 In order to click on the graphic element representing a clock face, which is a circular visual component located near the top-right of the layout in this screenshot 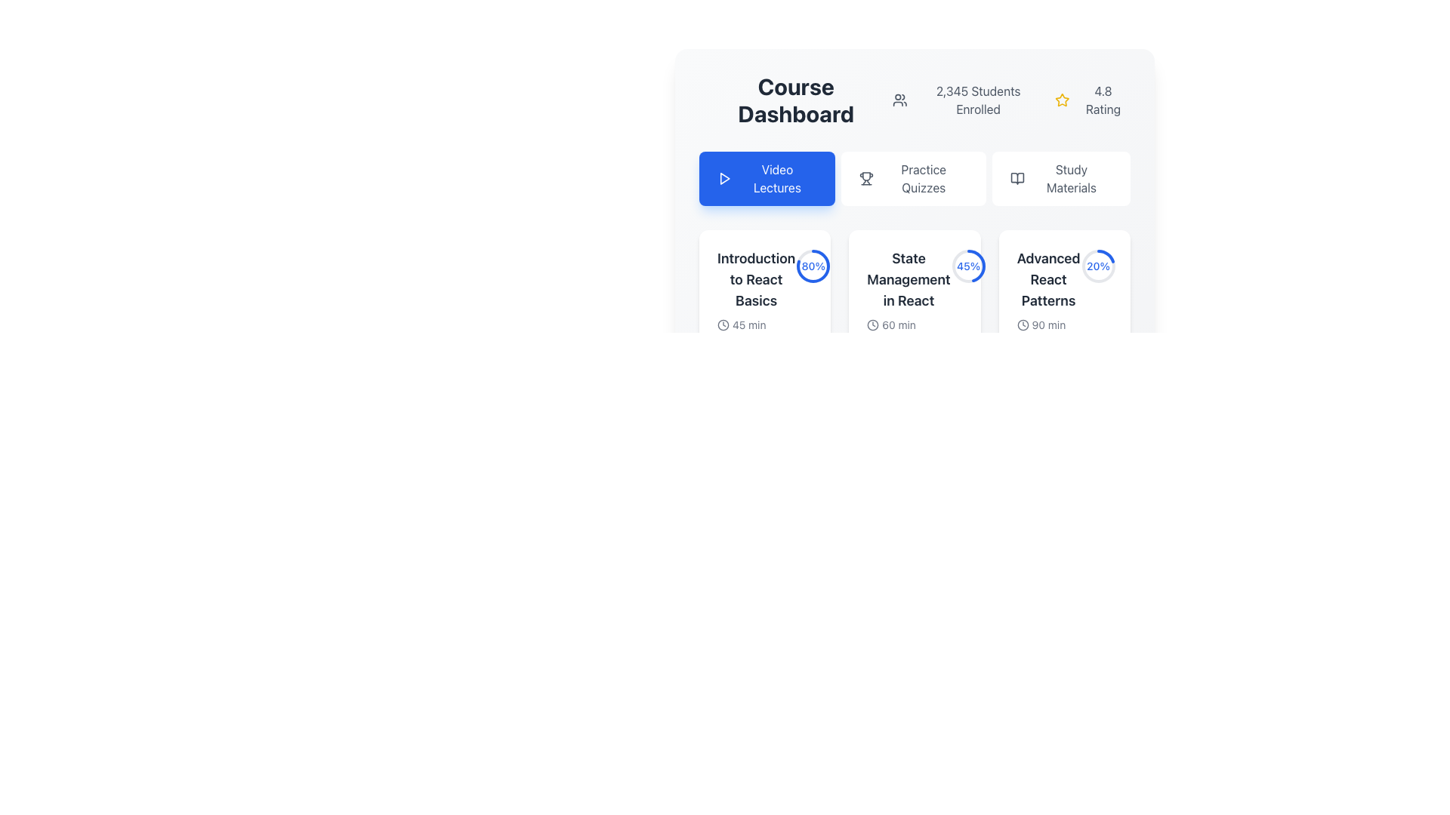, I will do `click(873, 324)`.